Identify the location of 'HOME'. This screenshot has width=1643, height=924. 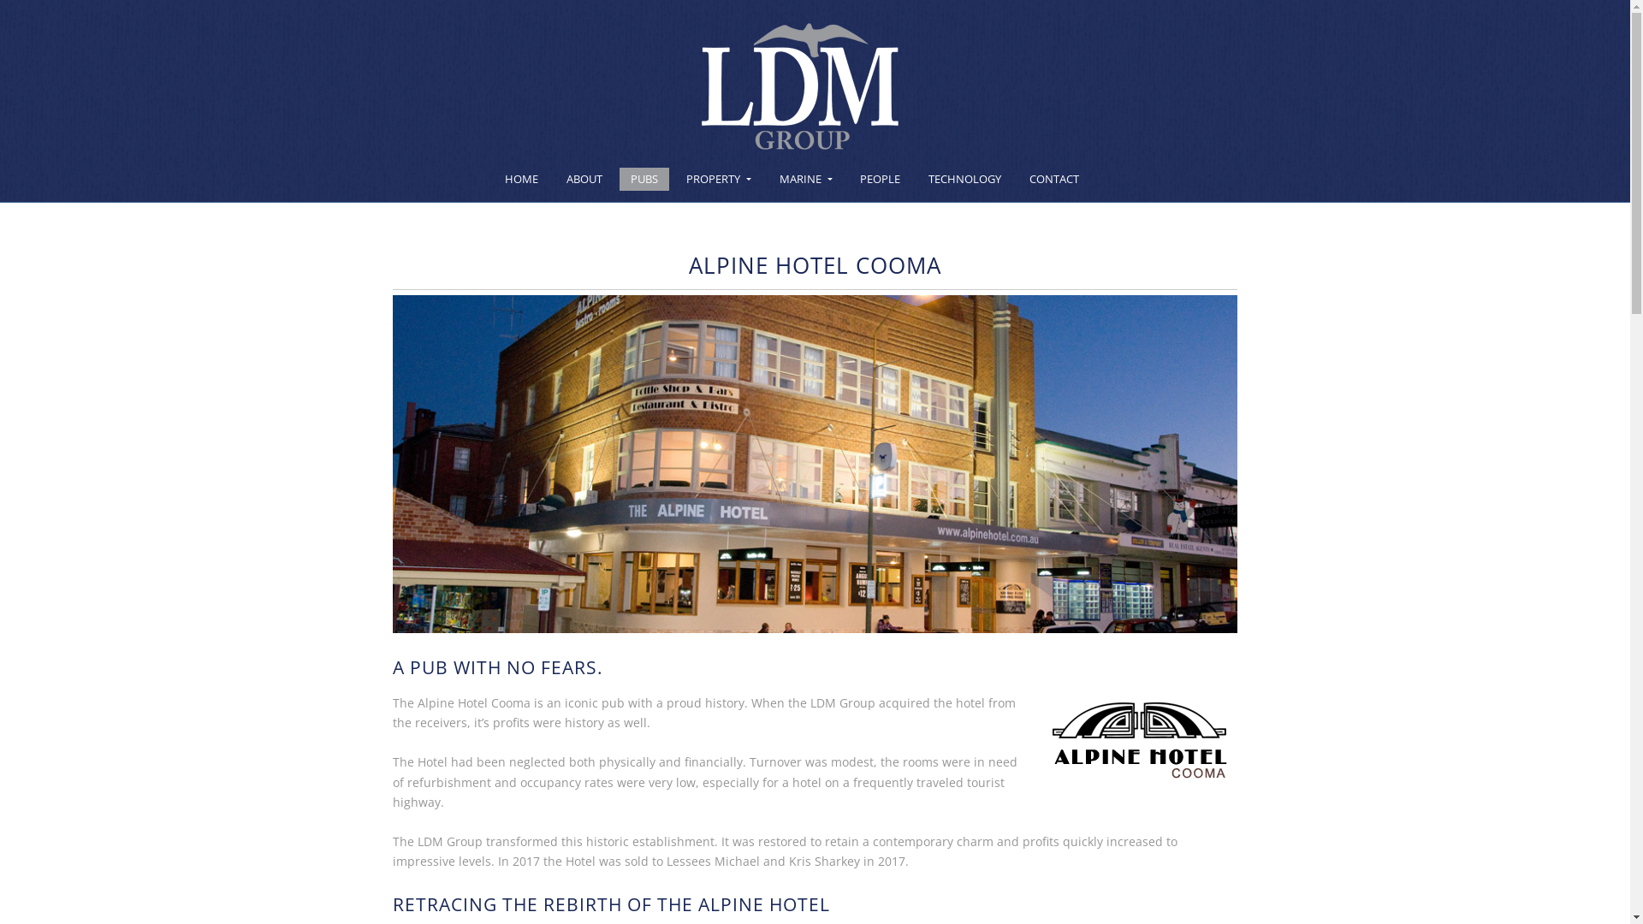
(520, 179).